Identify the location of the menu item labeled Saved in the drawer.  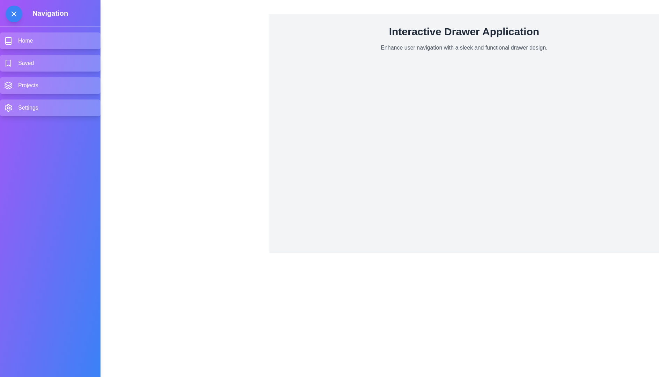
(50, 63).